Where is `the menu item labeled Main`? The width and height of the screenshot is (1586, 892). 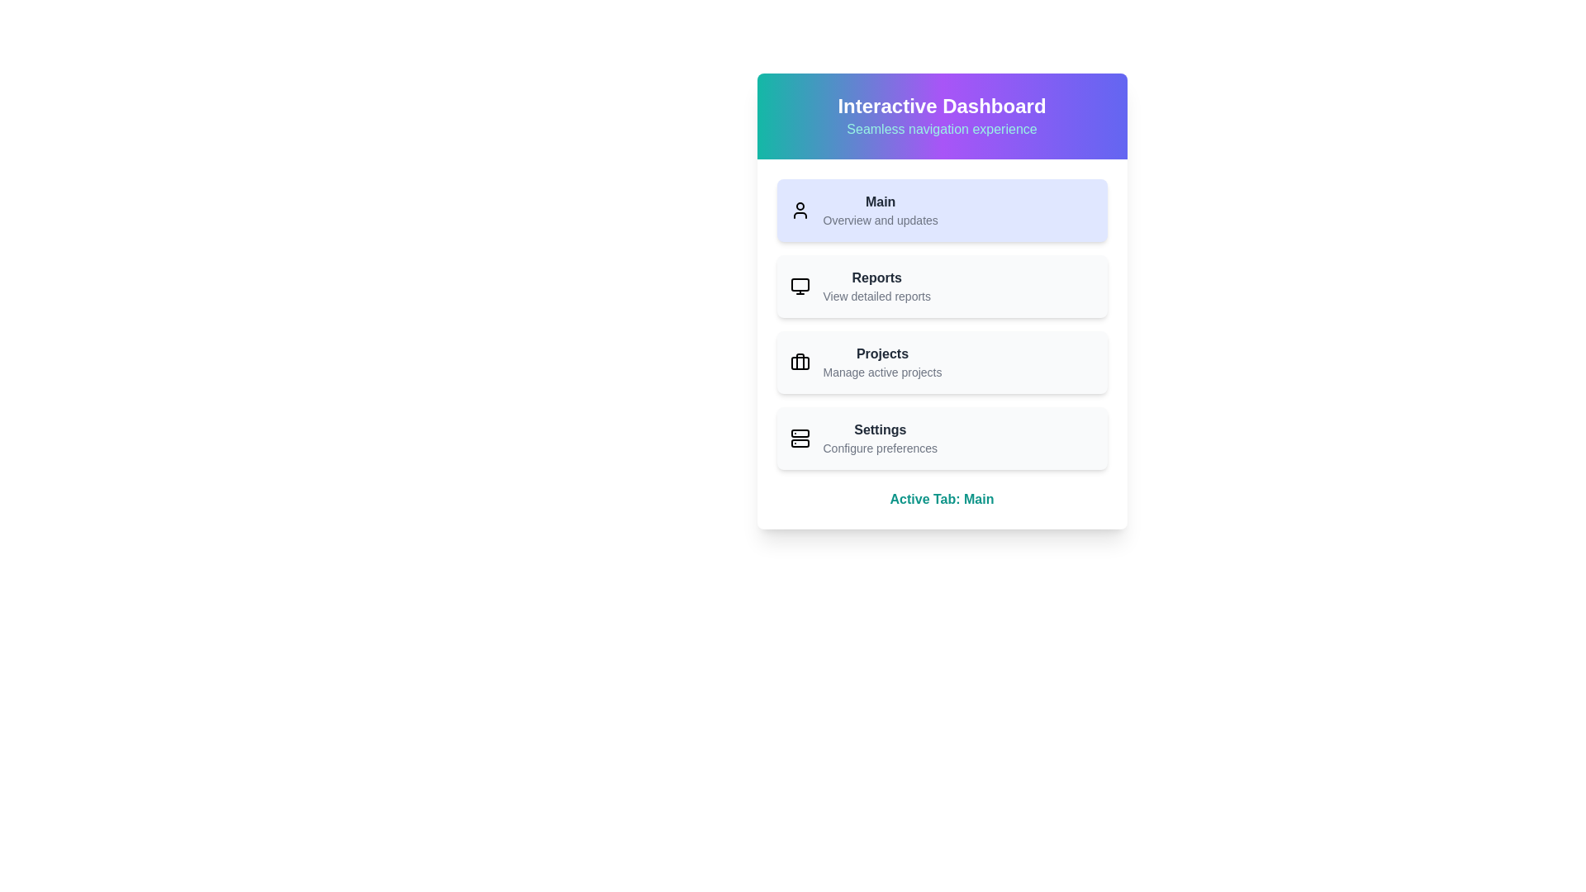
the menu item labeled Main is located at coordinates (942, 209).